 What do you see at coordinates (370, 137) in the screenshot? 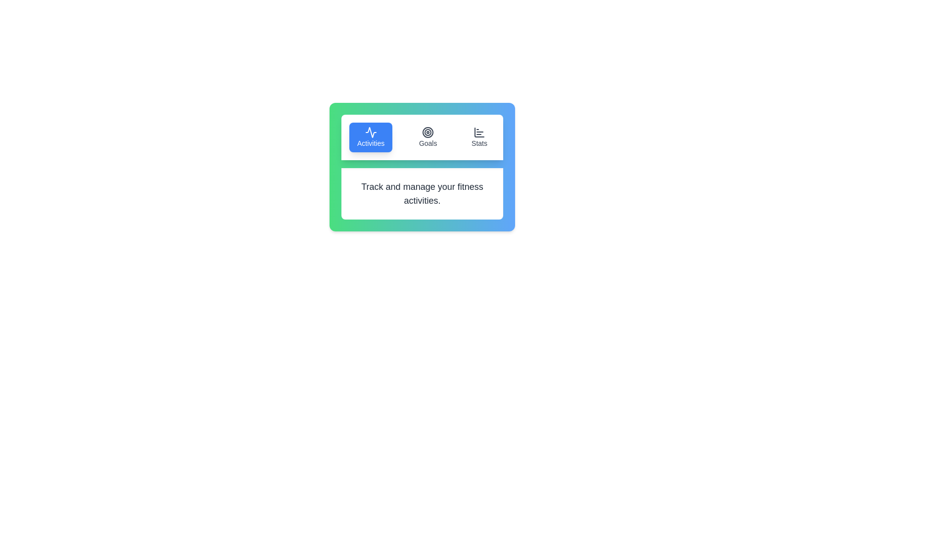
I see `the Activities tab to switch content` at bounding box center [370, 137].